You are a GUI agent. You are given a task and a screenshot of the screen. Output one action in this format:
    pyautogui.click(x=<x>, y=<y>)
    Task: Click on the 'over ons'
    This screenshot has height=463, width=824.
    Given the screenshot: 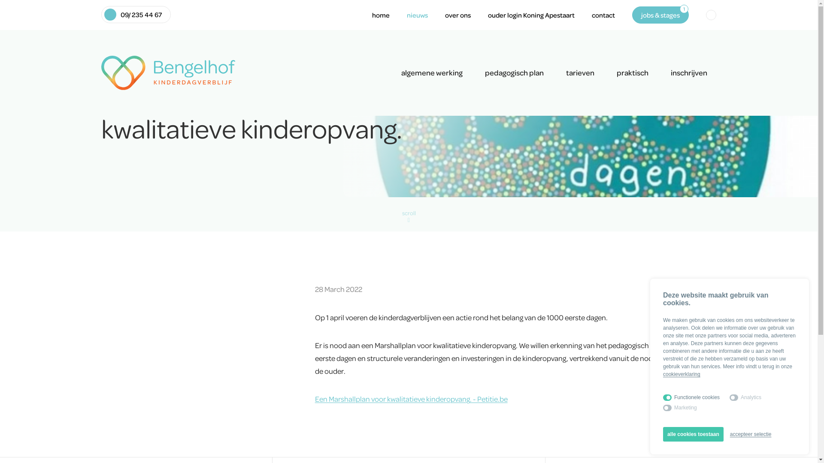 What is the action you would take?
    pyautogui.click(x=457, y=15)
    